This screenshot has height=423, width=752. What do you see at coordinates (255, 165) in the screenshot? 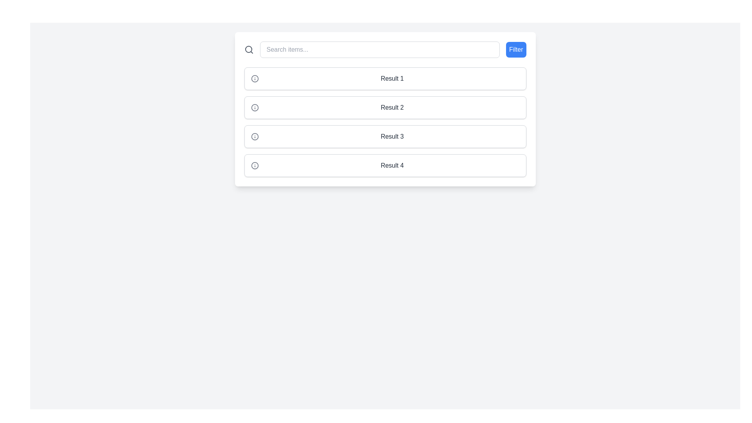
I see `the information icon located at the leftmost part of the 'Result 4' row, which precedes the text 'Result 4'` at bounding box center [255, 165].